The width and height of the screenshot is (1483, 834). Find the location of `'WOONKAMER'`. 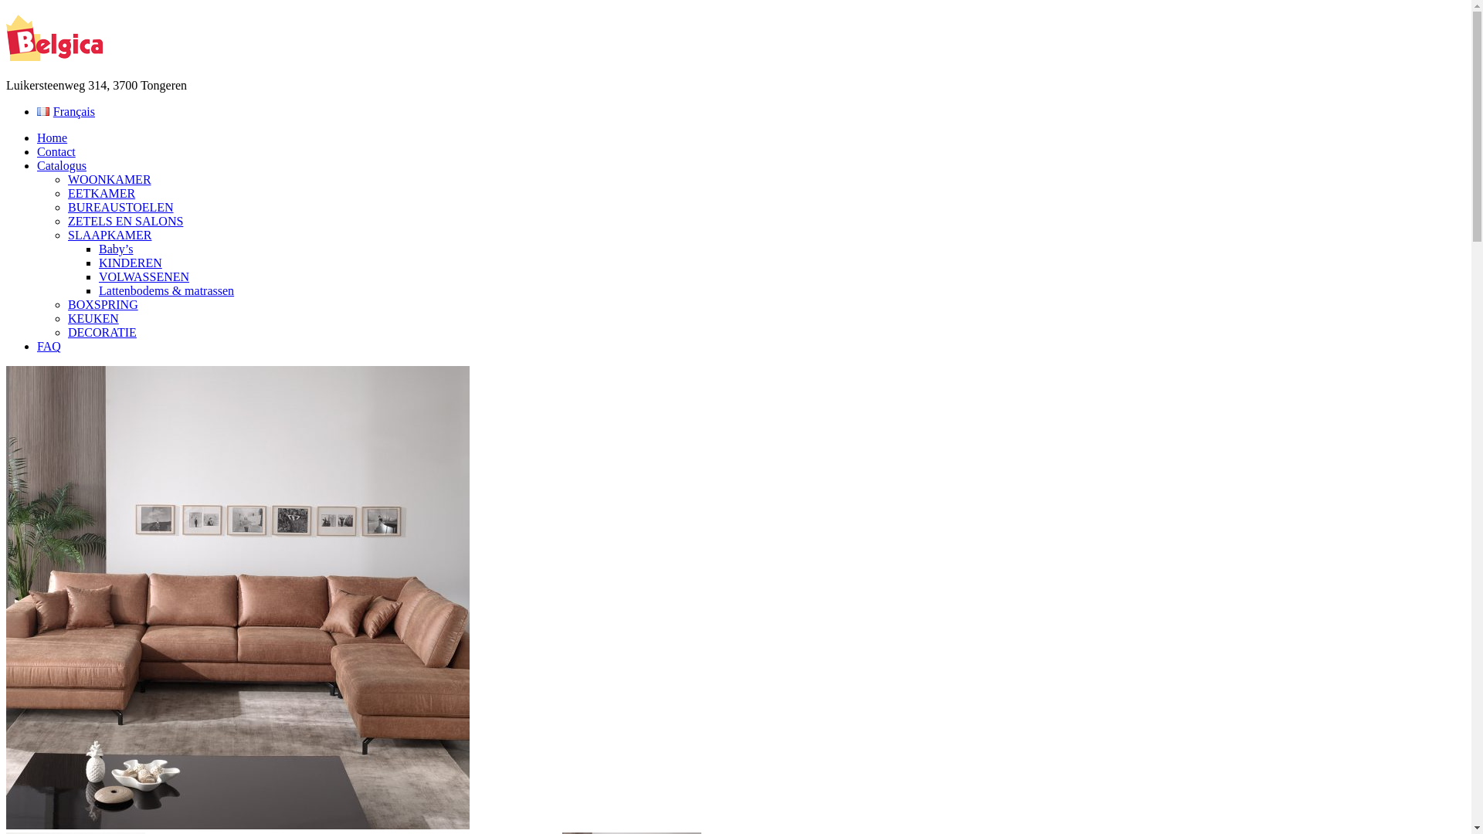

'WOONKAMER' is located at coordinates (109, 178).